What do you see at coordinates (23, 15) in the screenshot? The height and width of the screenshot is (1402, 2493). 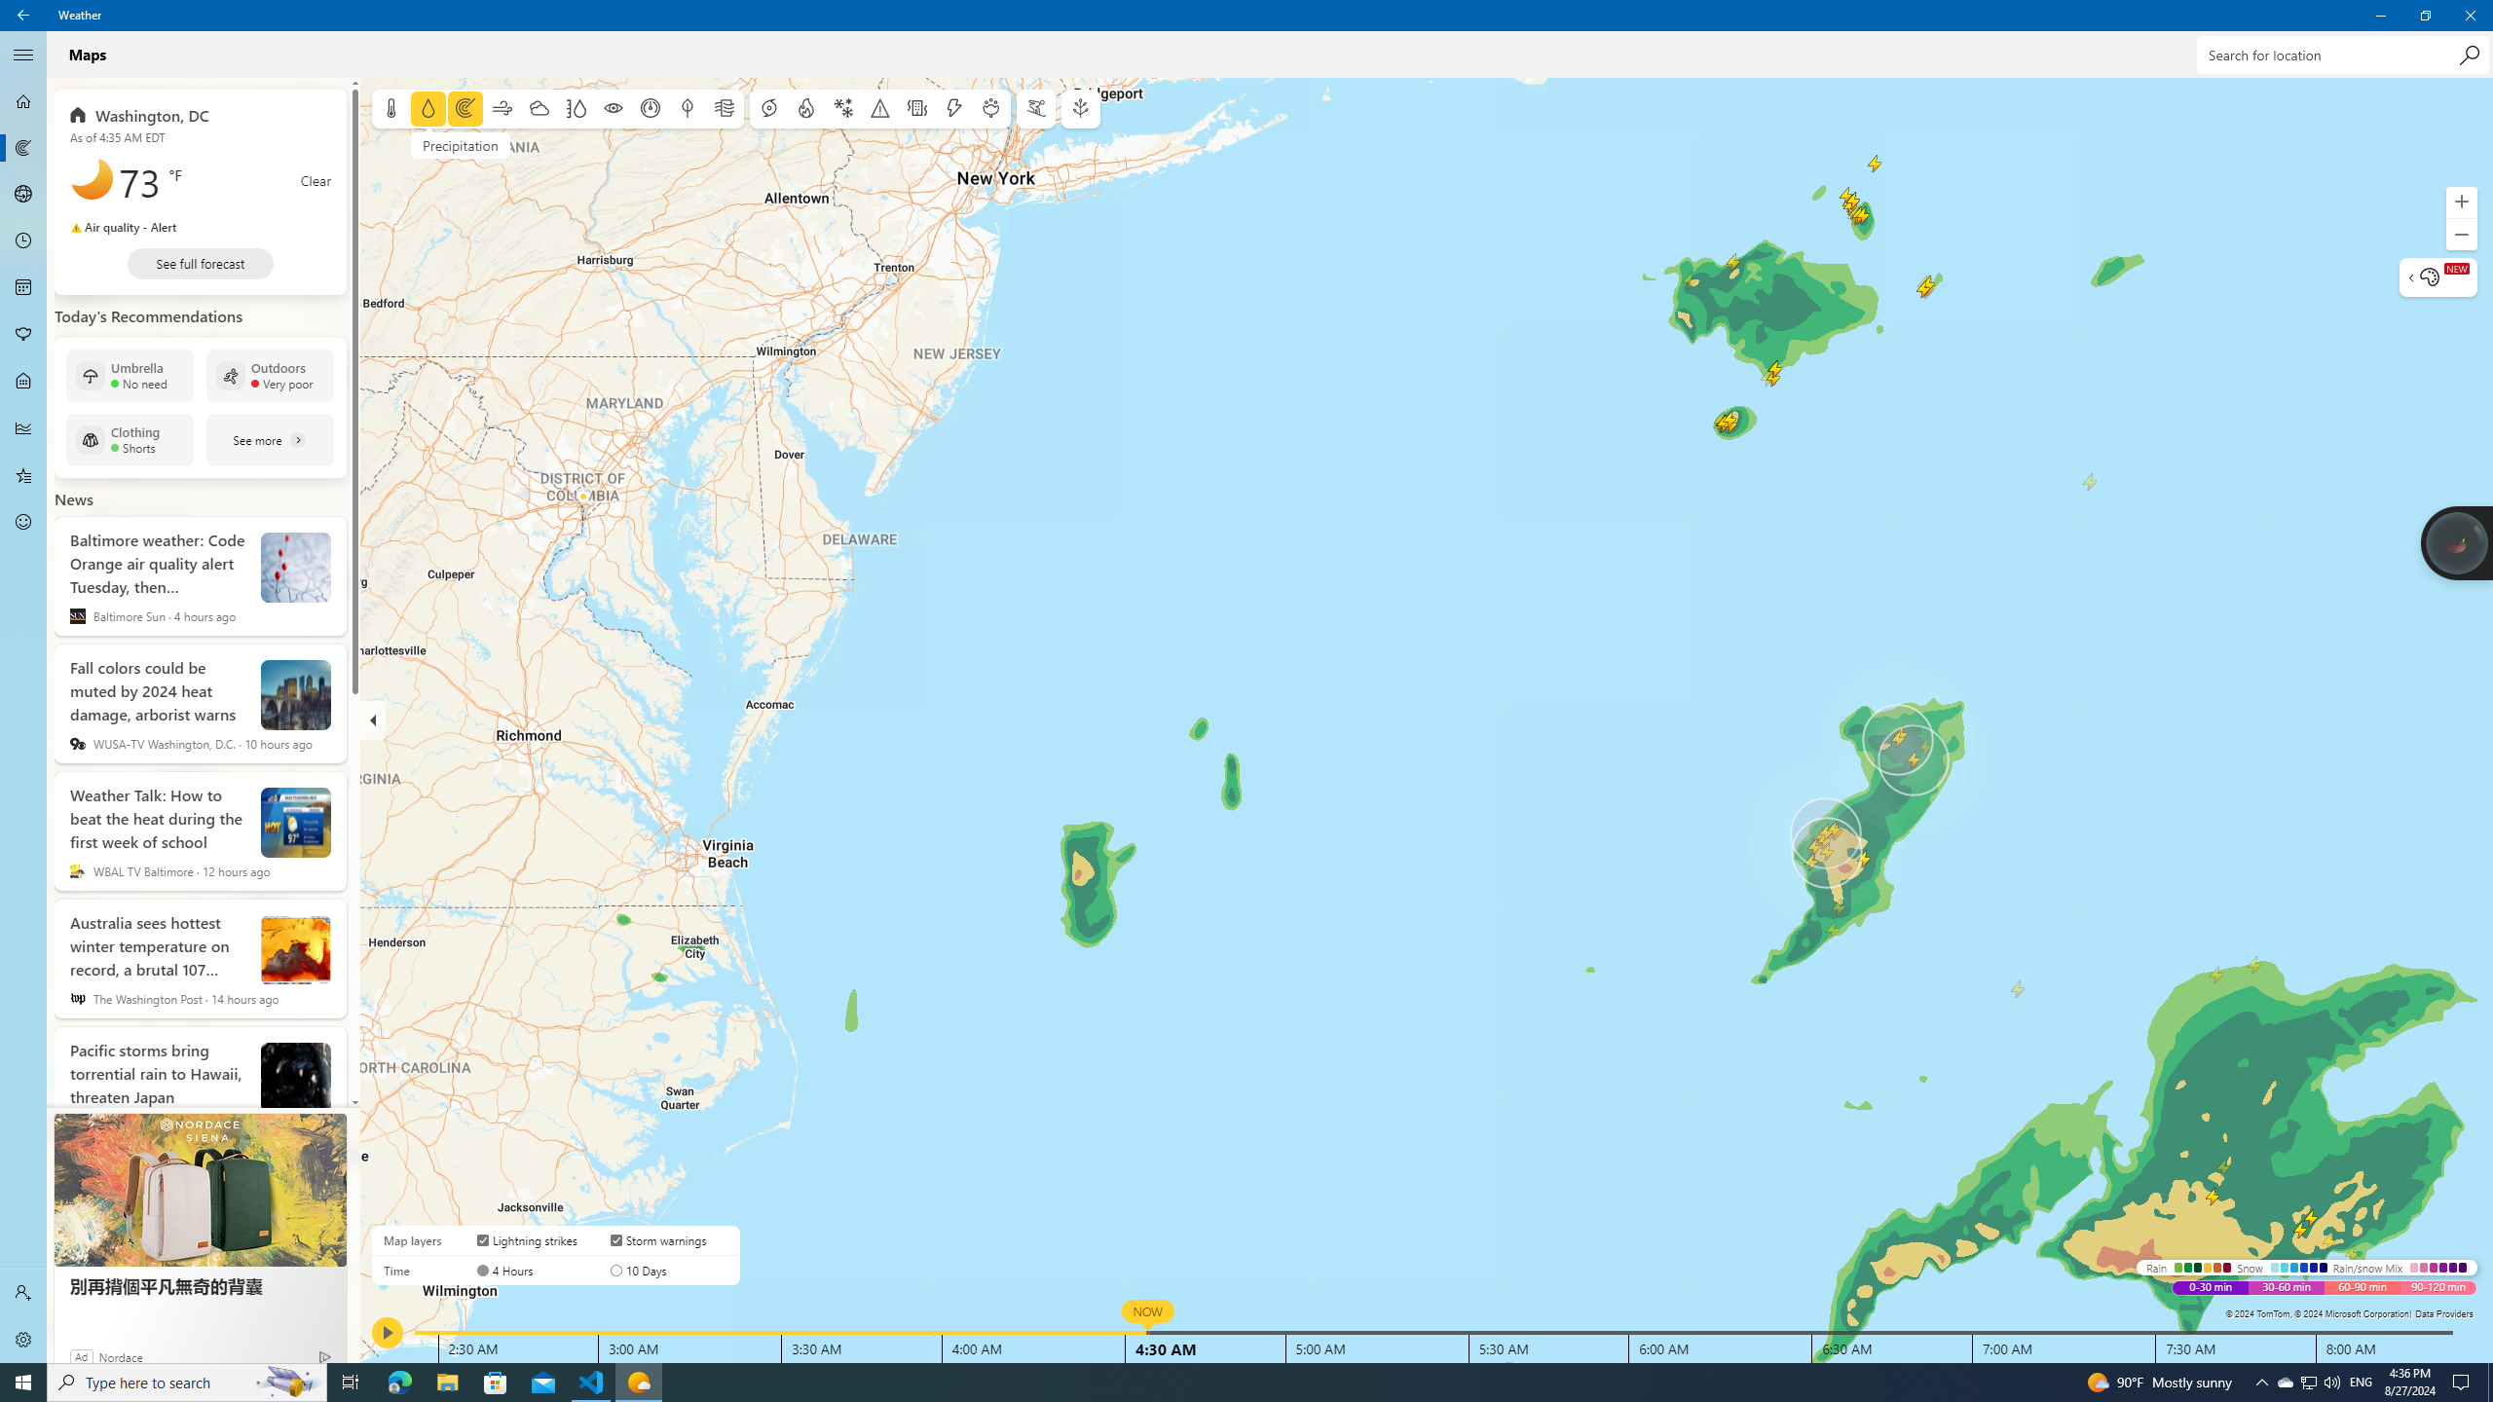 I see `'Back'` at bounding box center [23, 15].